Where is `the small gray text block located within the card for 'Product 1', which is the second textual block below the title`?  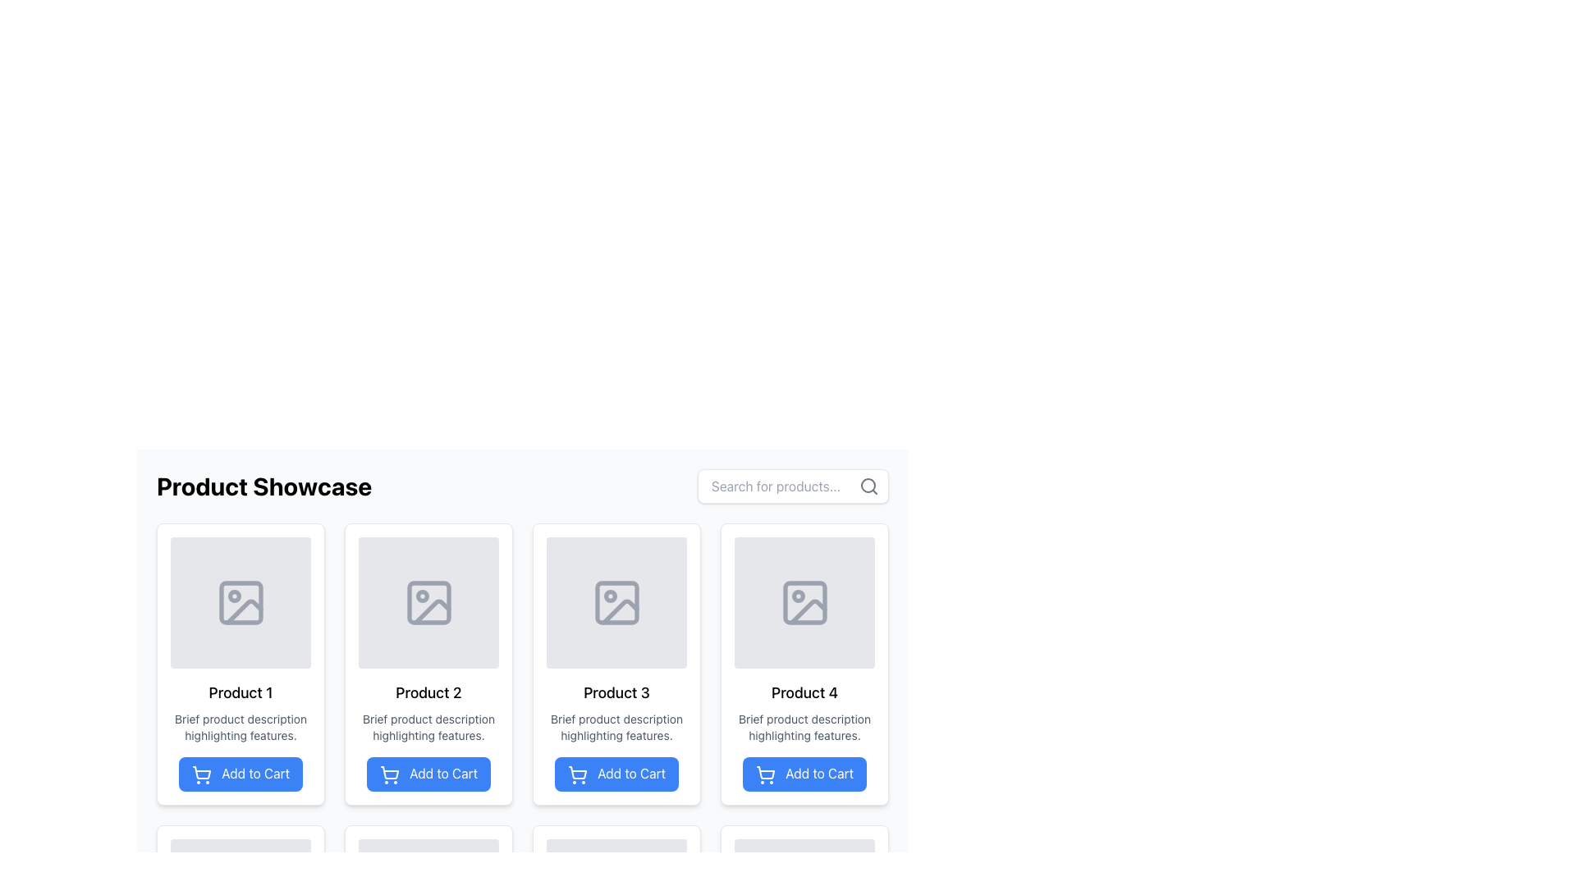
the small gray text block located within the card for 'Product 1', which is the second textual block below the title is located at coordinates (240, 727).